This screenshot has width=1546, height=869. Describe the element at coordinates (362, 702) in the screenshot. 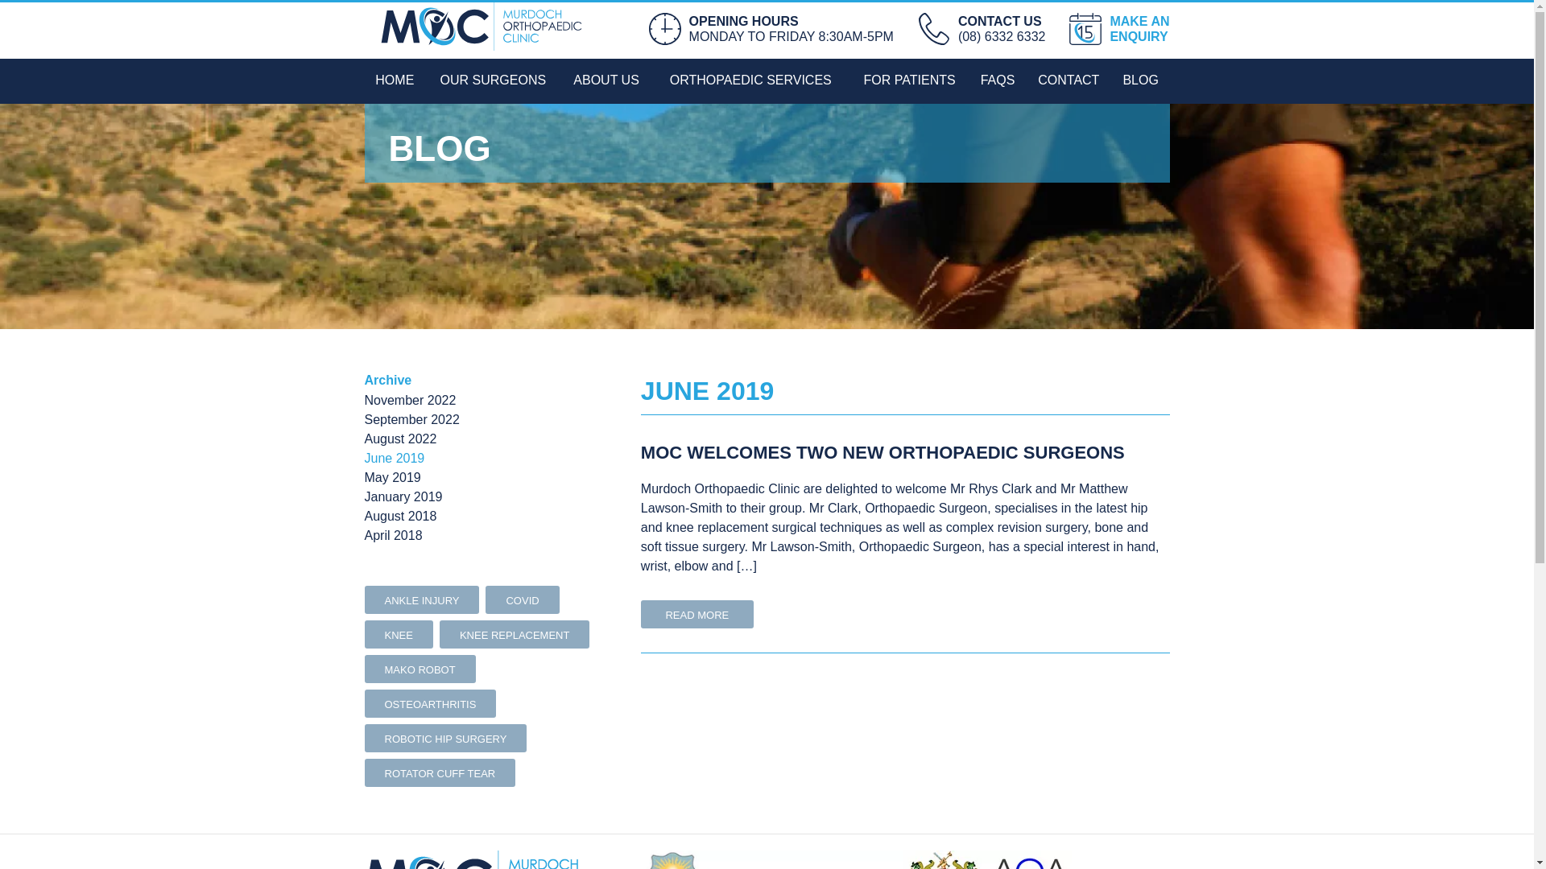

I see `'OSTEOARTHRITIS'` at that location.